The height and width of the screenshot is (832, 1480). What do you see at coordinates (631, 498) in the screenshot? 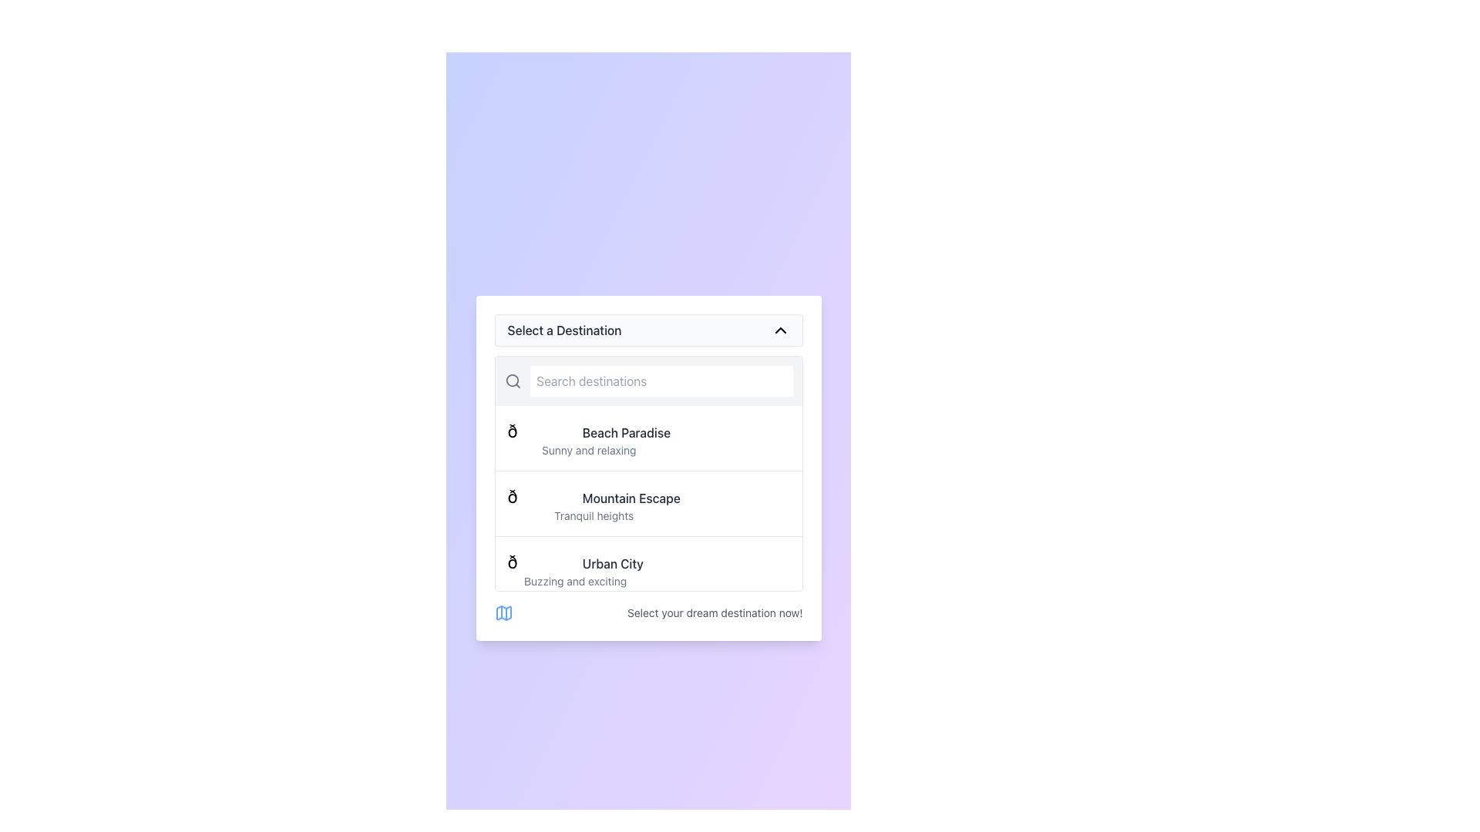
I see `the 'Mountain Escape' label in the dropdown menu` at bounding box center [631, 498].